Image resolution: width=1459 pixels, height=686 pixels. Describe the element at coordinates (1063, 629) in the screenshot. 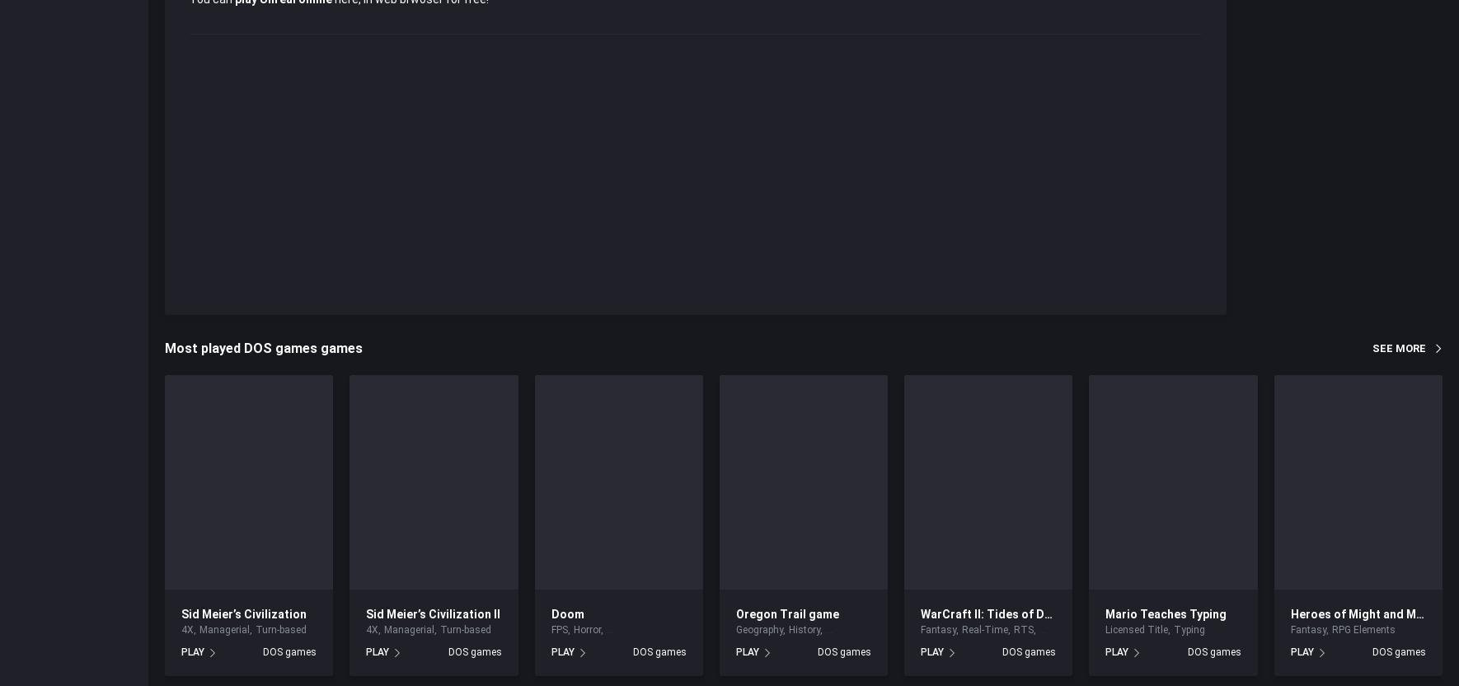

I see `'Steampunk'` at that location.